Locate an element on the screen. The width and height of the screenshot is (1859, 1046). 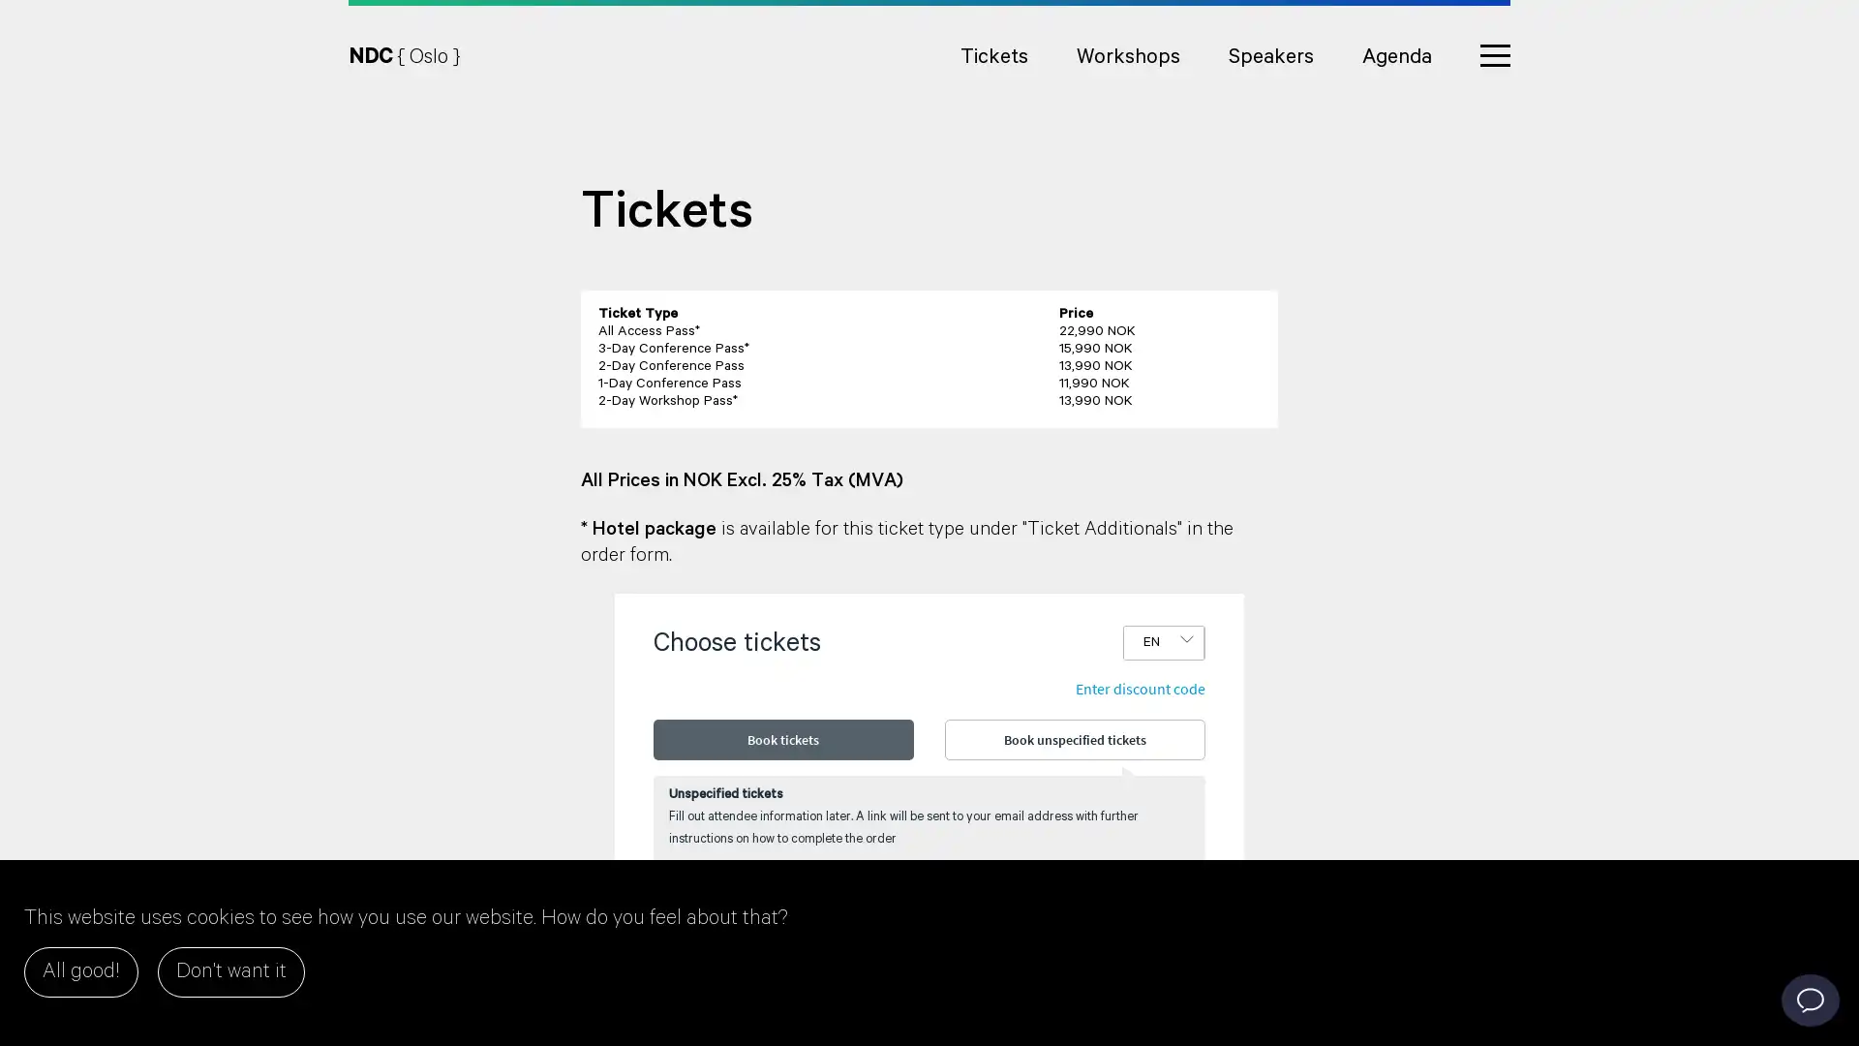
Enter discount code is located at coordinates (1140, 686).